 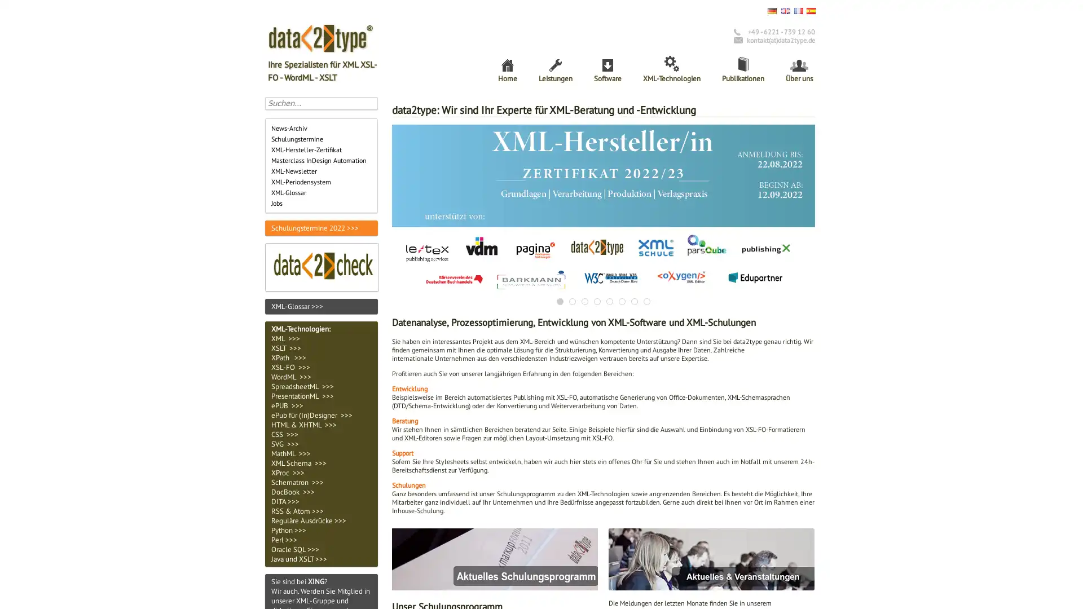 I want to click on Carousel Page 5, so click(x=609, y=300).